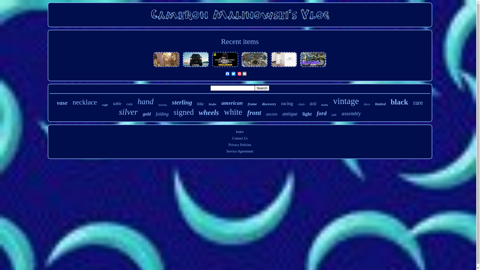 This screenshot has height=270, width=480. Describe the element at coordinates (290, 114) in the screenshot. I see `'antique'` at that location.